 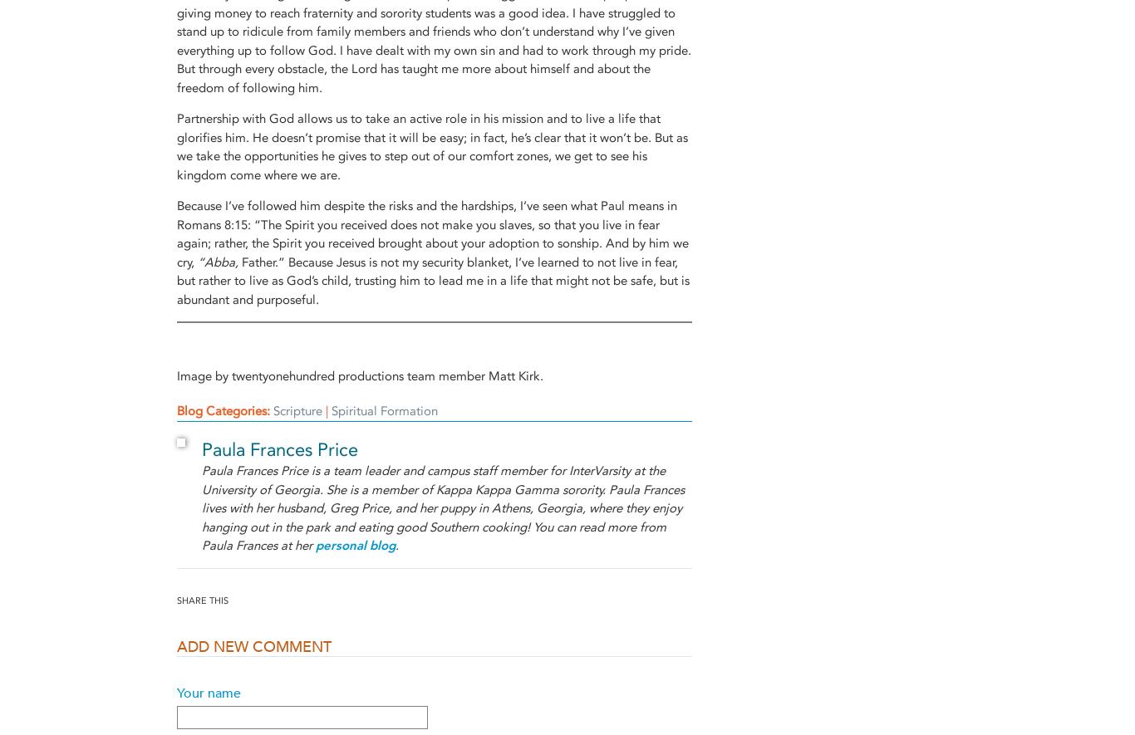 What do you see at coordinates (279, 448) in the screenshot?
I see `'Paula Frances Price'` at bounding box center [279, 448].